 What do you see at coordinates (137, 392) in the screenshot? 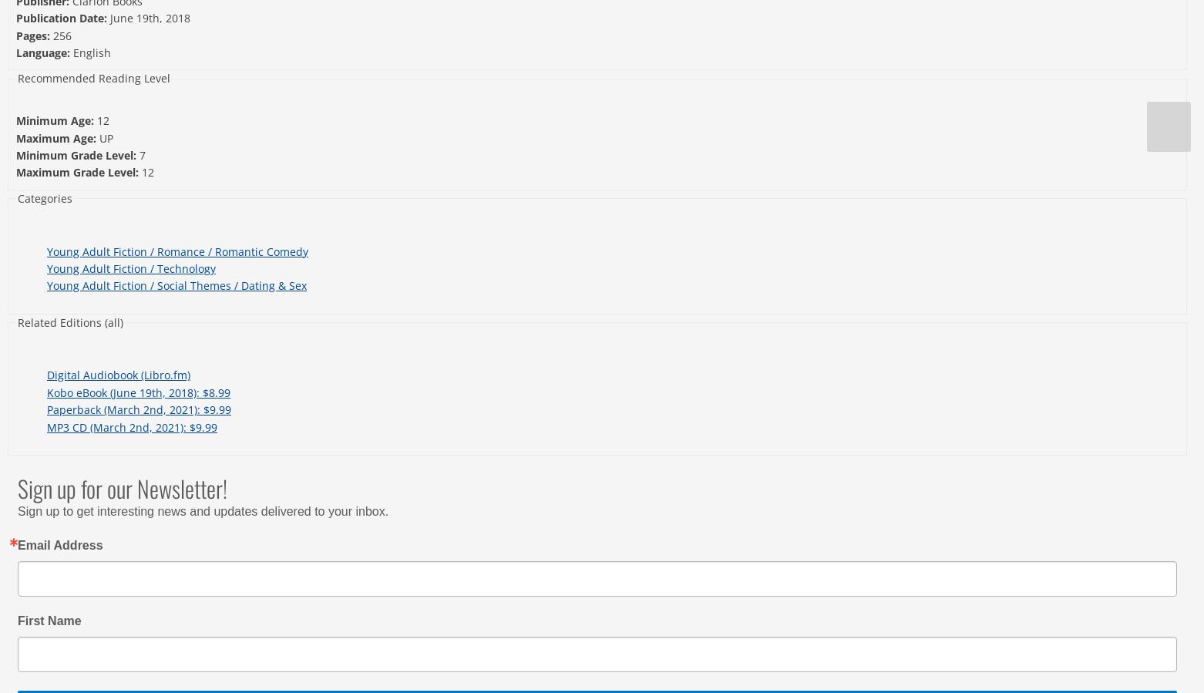
I see `'Kobo eBook  (June 19th, 2018): $8.99'` at bounding box center [137, 392].